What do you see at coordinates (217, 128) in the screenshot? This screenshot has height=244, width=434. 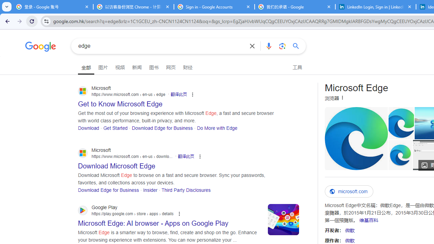 I see `'Do More with Edge'` at bounding box center [217, 128].